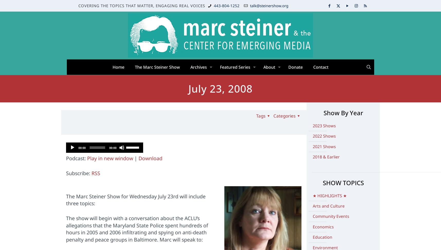 The height and width of the screenshot is (250, 441). Describe the element at coordinates (220, 88) in the screenshot. I see `'July 23, 2008'` at that location.